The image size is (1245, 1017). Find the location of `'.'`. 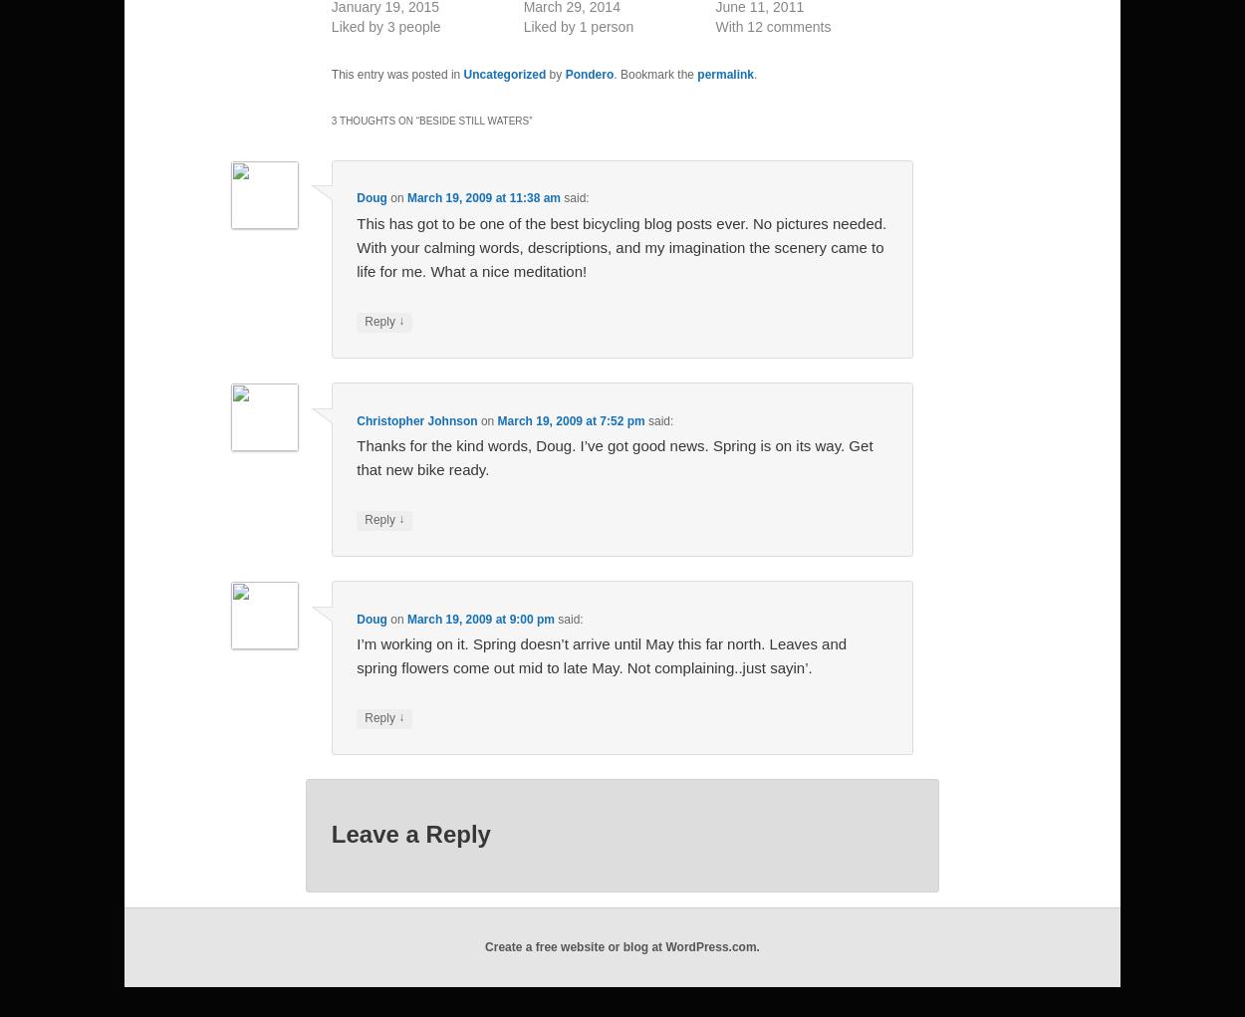

'.' is located at coordinates (755, 75).